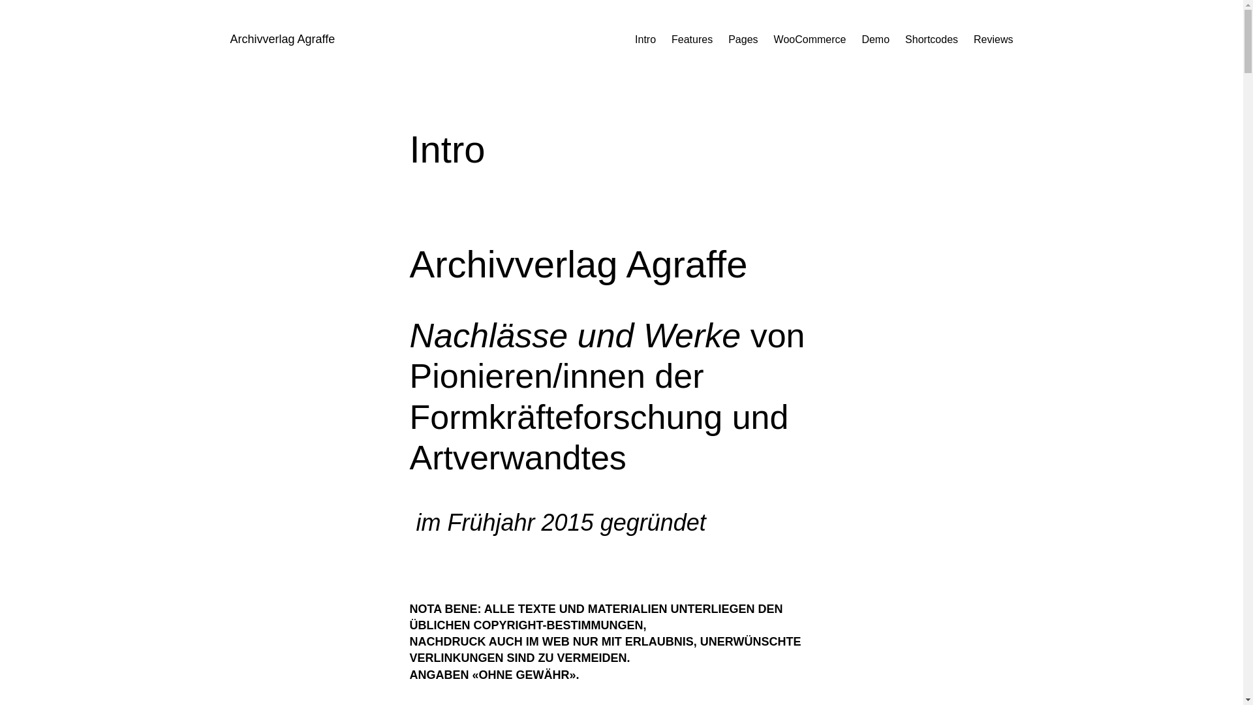 The height and width of the screenshot is (705, 1253). I want to click on 'Demo', so click(861, 39).